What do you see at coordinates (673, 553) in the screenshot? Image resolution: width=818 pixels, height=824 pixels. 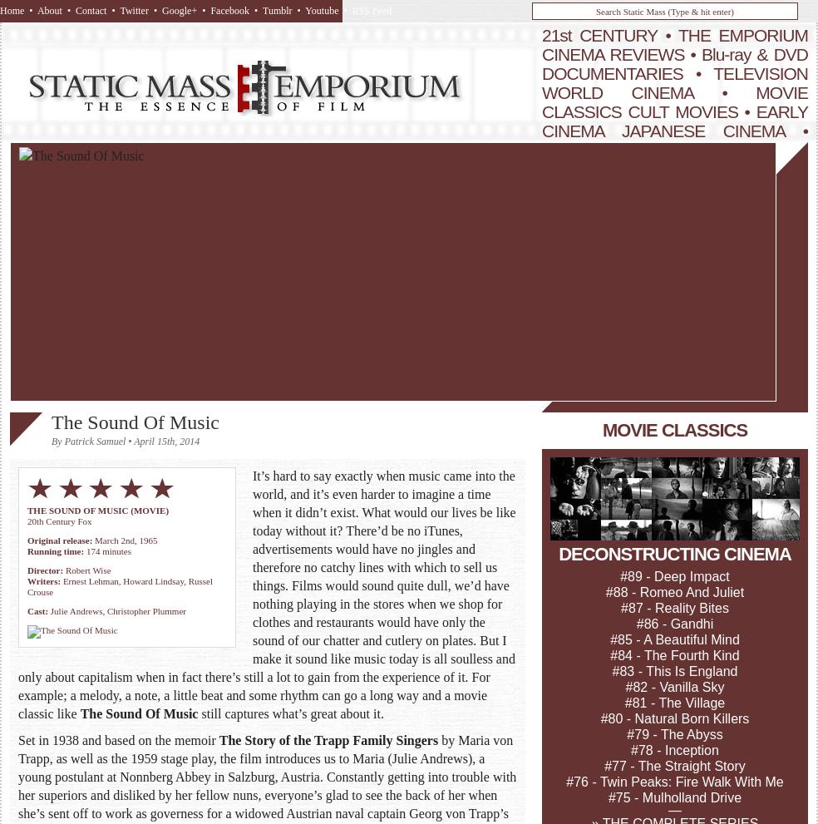 I see `'DECONSTRUCTING CINEMA'` at bounding box center [673, 553].